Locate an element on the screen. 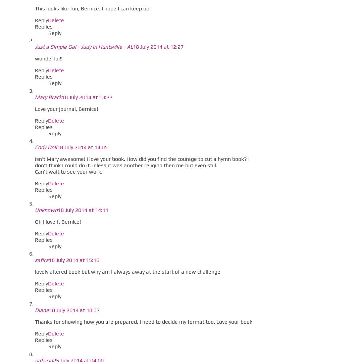  'Love your journal, Bernice!' is located at coordinates (66, 108).